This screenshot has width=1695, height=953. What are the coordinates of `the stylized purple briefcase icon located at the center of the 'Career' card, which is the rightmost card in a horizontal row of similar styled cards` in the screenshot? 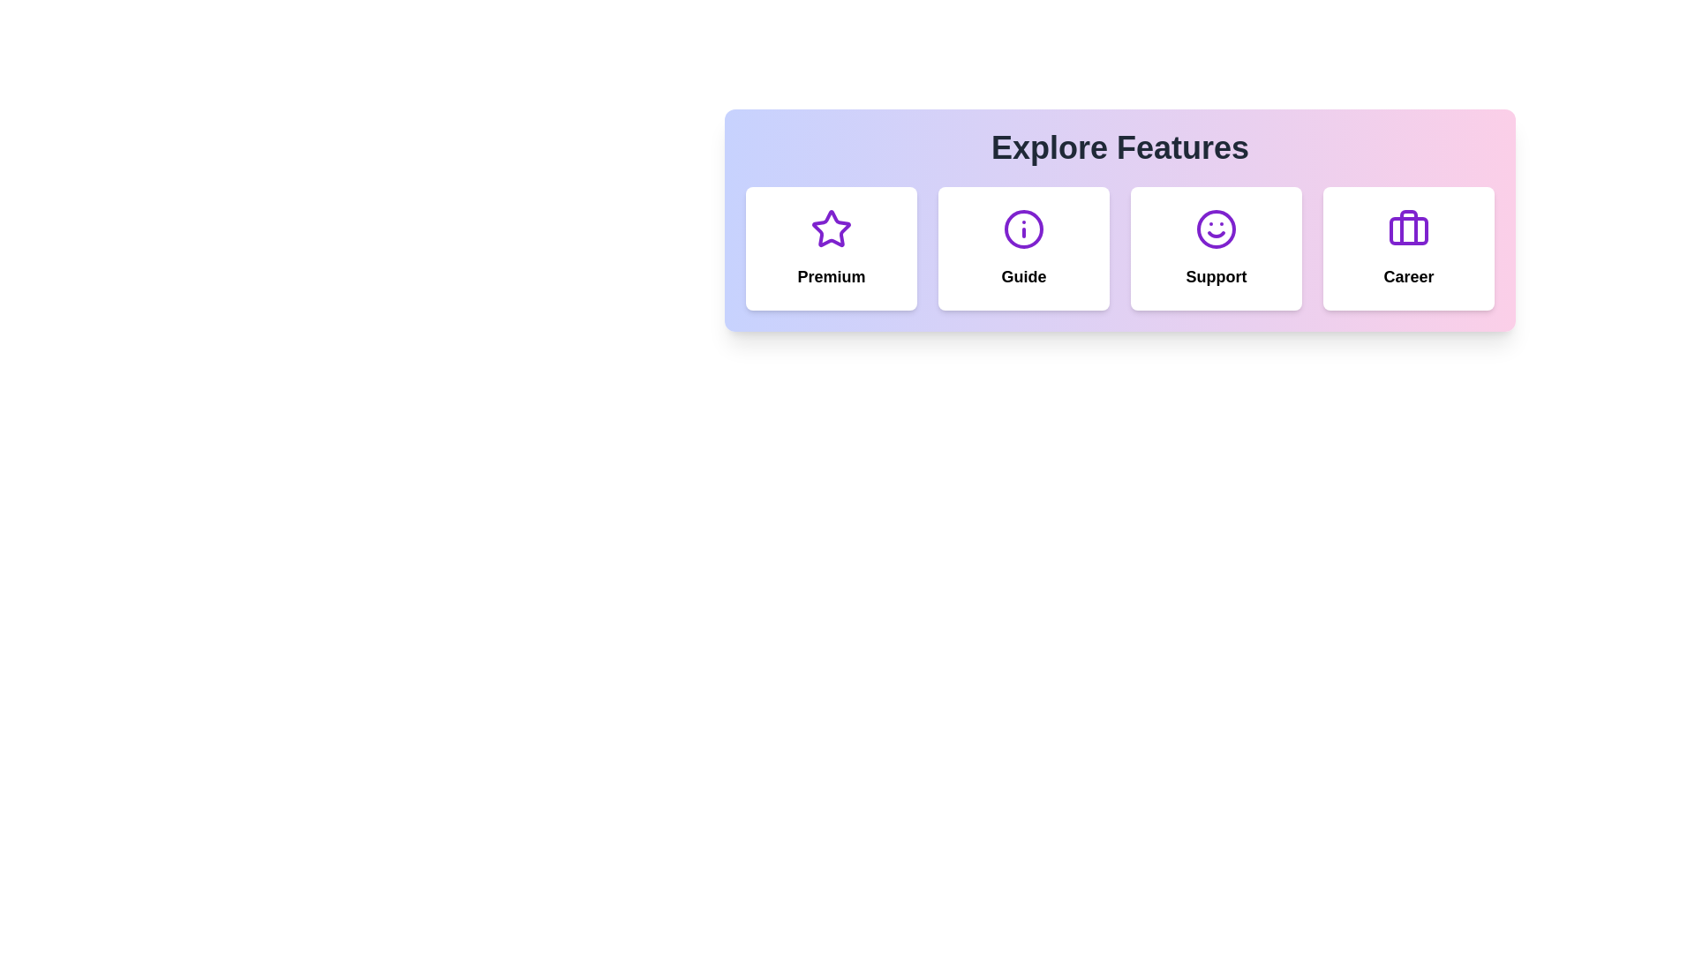 It's located at (1408, 228).